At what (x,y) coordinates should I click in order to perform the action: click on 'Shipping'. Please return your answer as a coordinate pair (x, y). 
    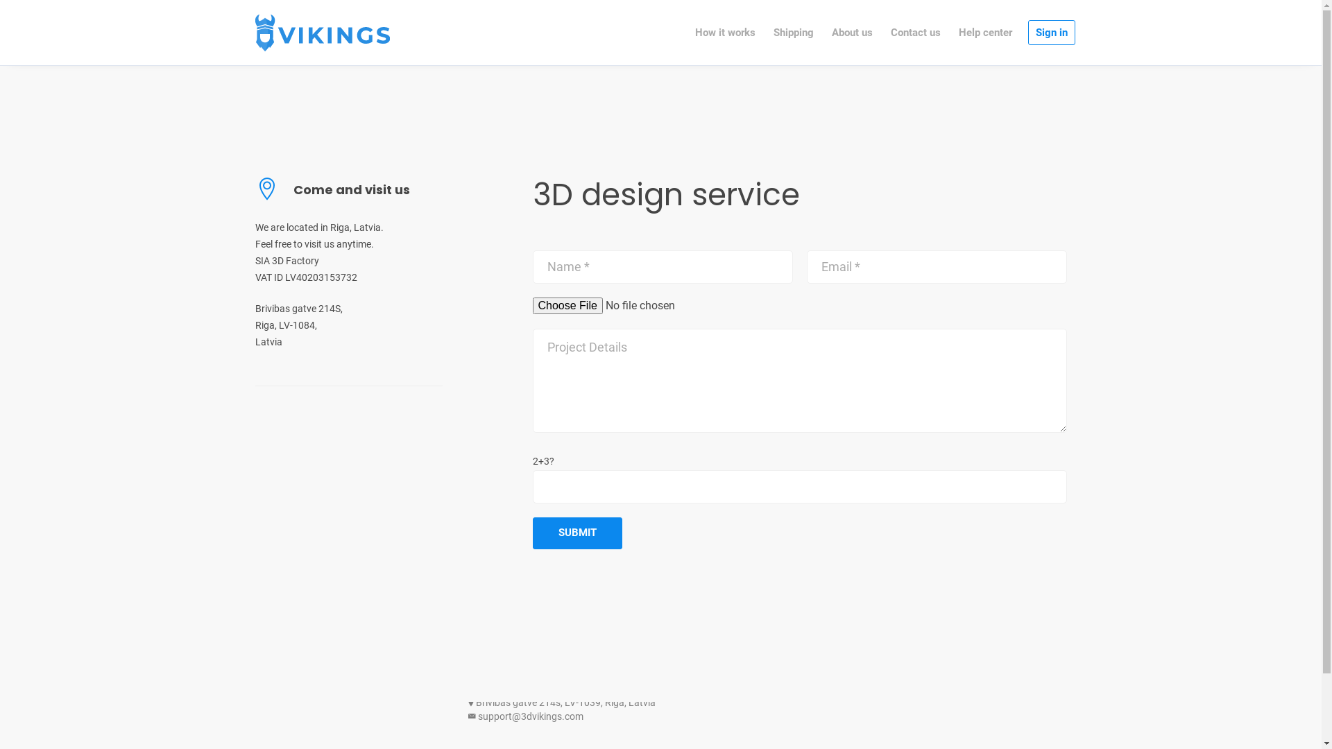
    Looking at the image, I should click on (794, 31).